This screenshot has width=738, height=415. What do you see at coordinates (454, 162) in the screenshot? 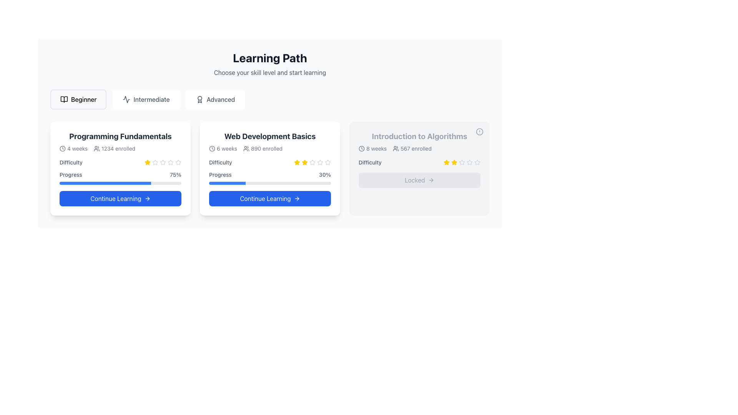
I see `the third solid-yellow star icon in the rating system under the 'Difficulty' label in the 'Introduction to Algorithms' card` at bounding box center [454, 162].